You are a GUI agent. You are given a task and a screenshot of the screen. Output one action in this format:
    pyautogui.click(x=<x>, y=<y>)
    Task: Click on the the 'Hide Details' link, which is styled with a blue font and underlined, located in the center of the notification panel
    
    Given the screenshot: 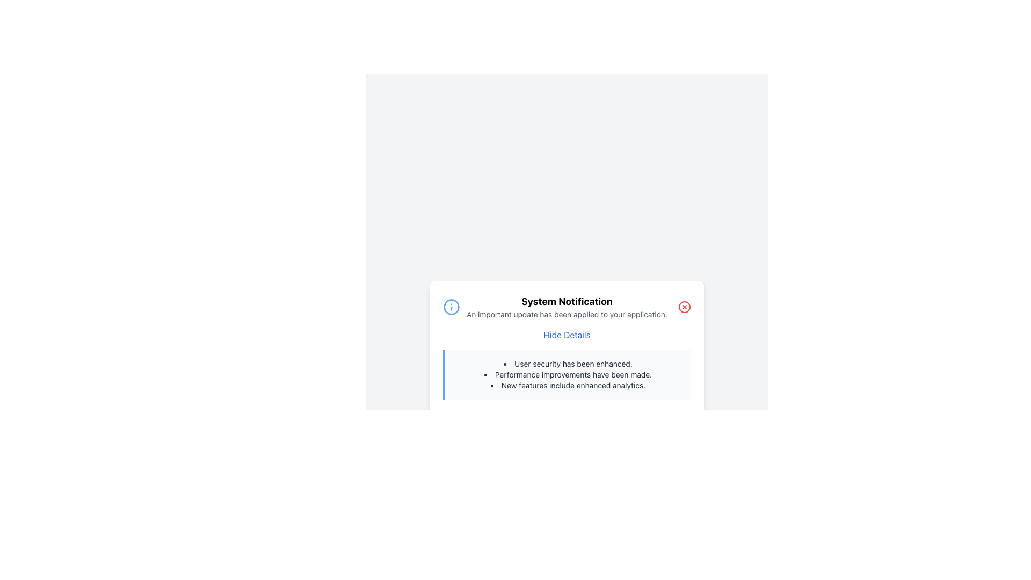 What is the action you would take?
    pyautogui.click(x=567, y=335)
    